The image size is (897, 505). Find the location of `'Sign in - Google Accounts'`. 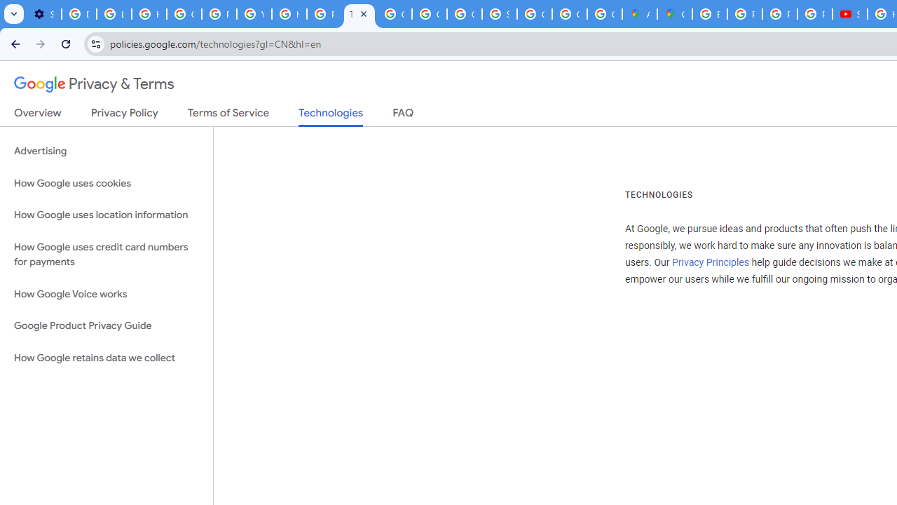

'Sign in - Google Accounts' is located at coordinates (499, 14).